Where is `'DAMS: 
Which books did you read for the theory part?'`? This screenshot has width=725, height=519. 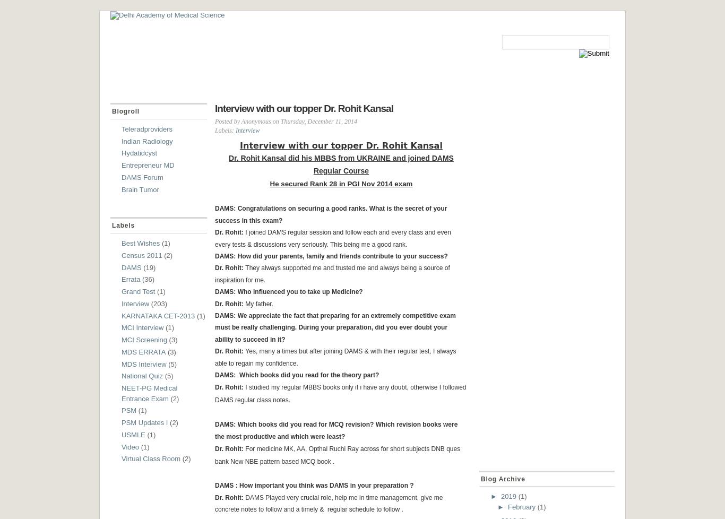
'DAMS: 
Which books did you read for the theory part?' is located at coordinates (214, 375).